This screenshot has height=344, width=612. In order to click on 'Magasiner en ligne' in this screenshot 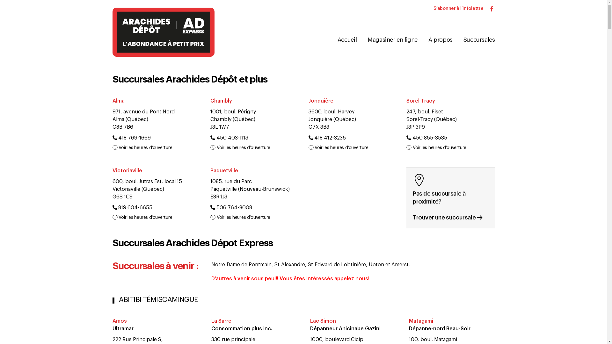, I will do `click(392, 40)`.